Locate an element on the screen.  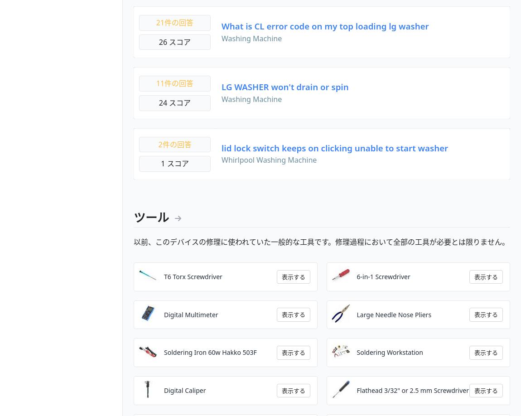
'What is CL error code on my top loading lg washer' is located at coordinates (324, 26).